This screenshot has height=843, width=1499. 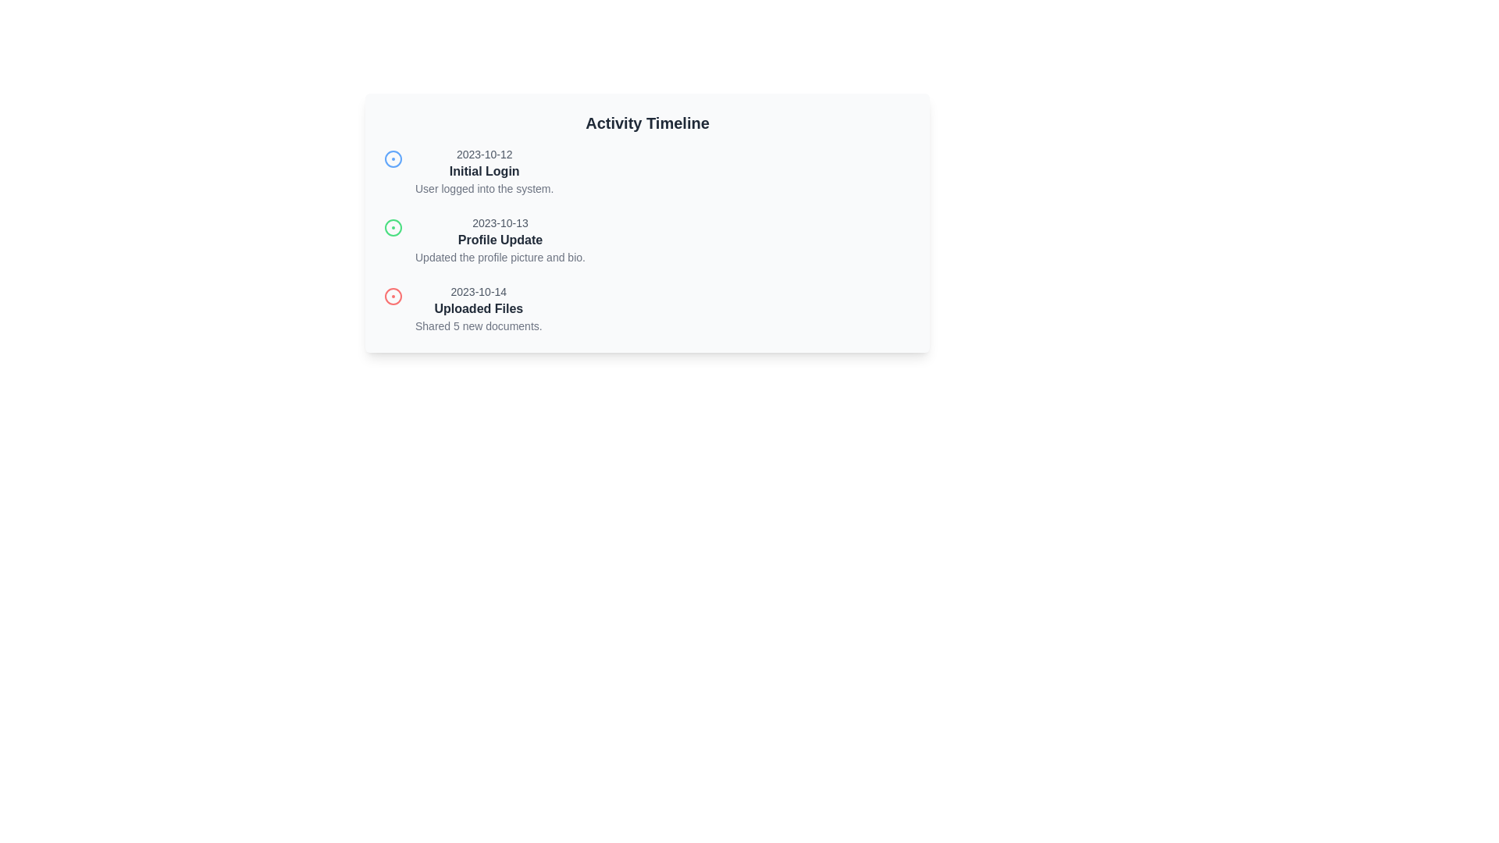 What do you see at coordinates (500, 240) in the screenshot?
I see `the text block displaying 'Profile Update' in the activity timeline, which includes the date '2023-10-13' and additional info about the profile update` at bounding box center [500, 240].